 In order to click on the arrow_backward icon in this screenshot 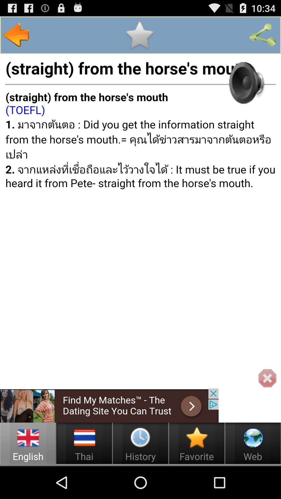, I will do `click(16, 37)`.